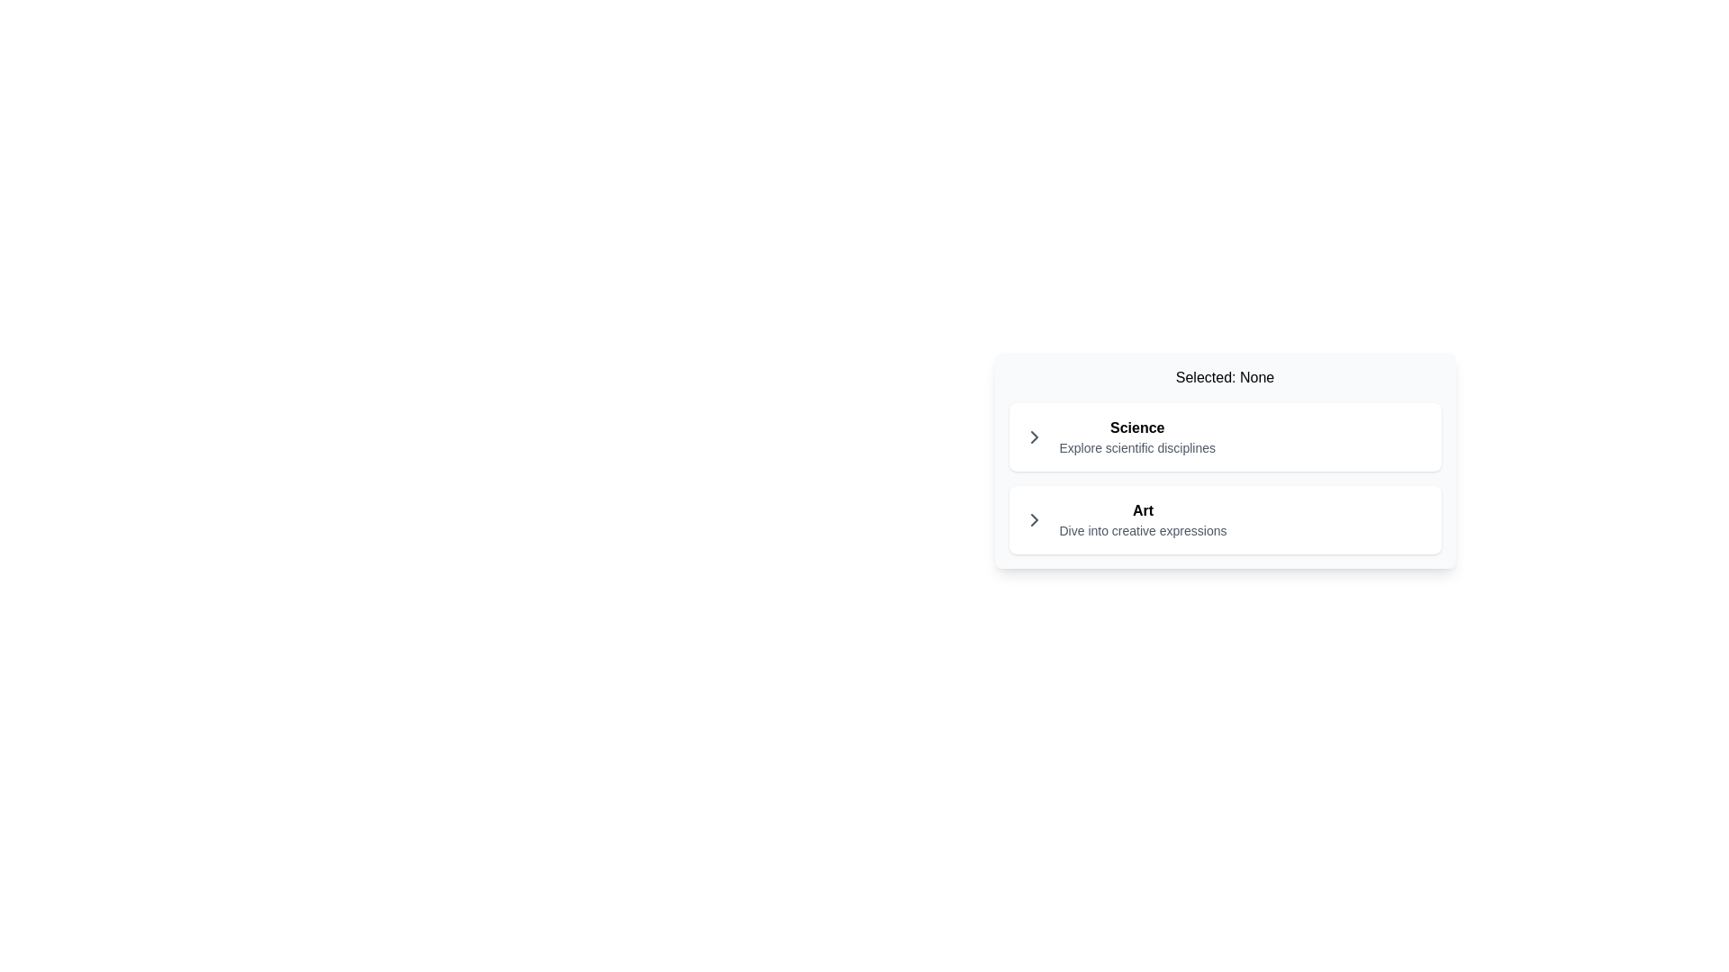  Describe the element at coordinates (1136, 446) in the screenshot. I see `the descriptive text label that provides additional details about the 'Science' option, positioned underneath the 'Science' label` at that location.